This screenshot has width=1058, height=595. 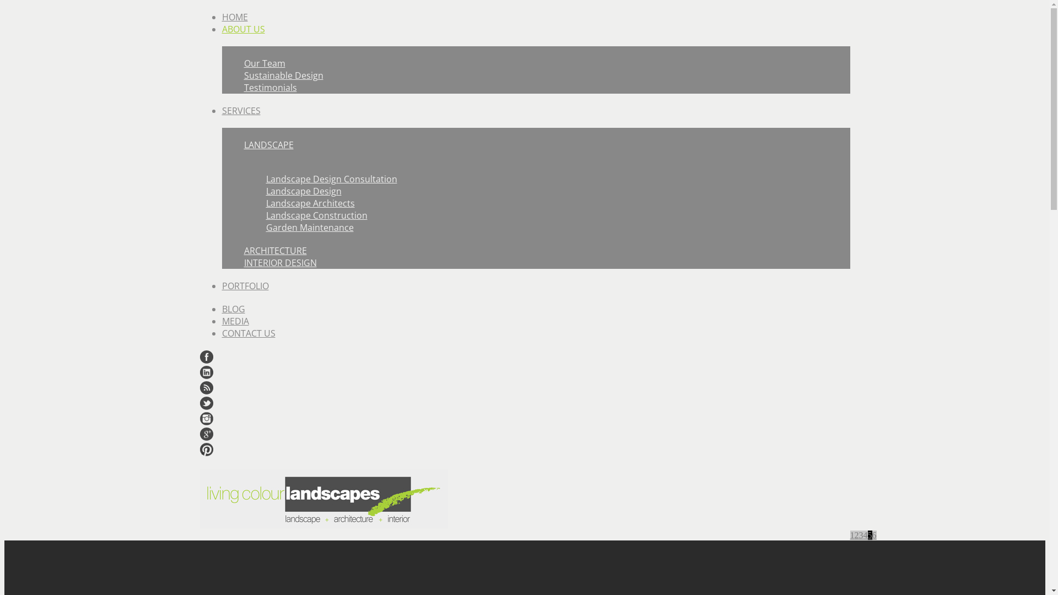 What do you see at coordinates (240, 110) in the screenshot?
I see `'SERVICES'` at bounding box center [240, 110].